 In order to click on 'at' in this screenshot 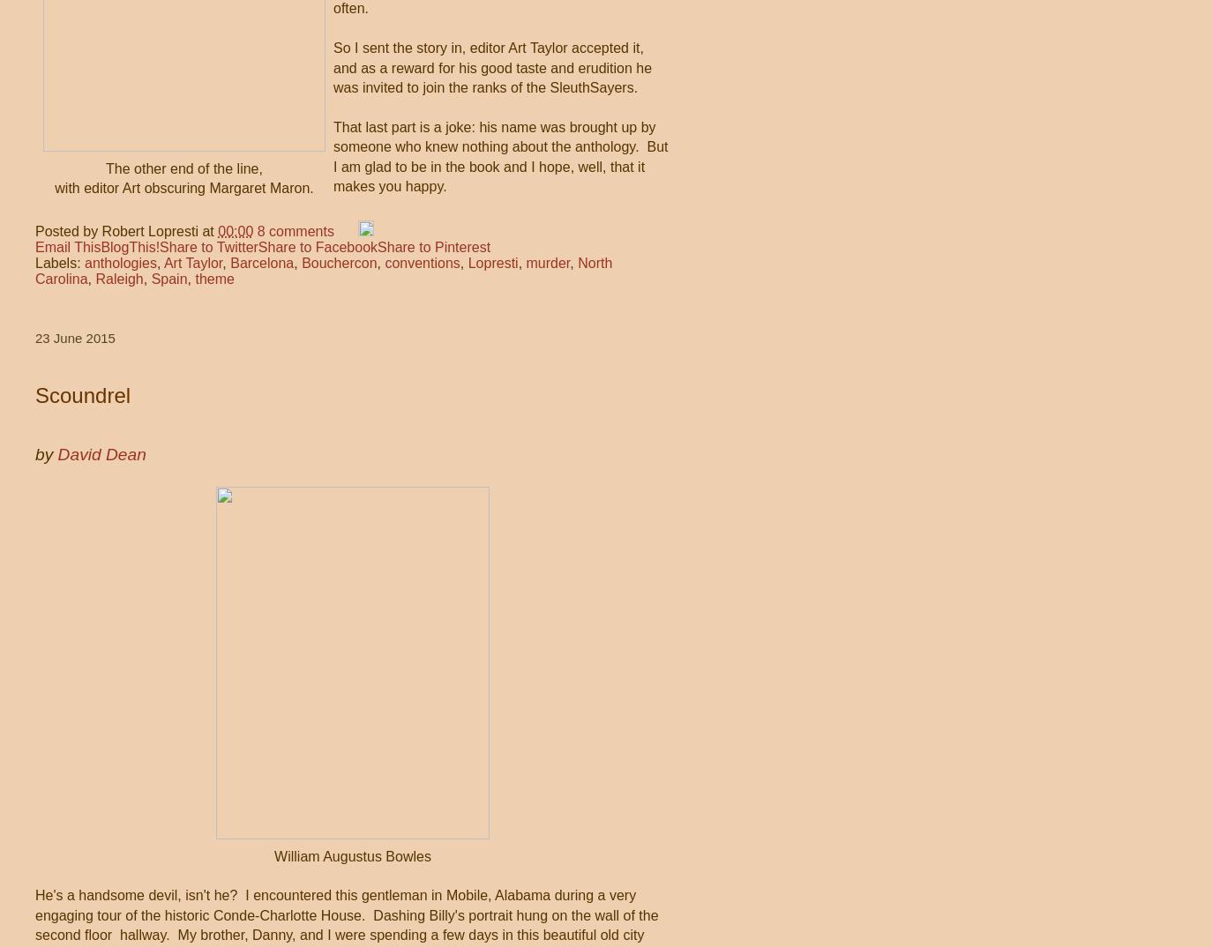, I will do `click(208, 229)`.